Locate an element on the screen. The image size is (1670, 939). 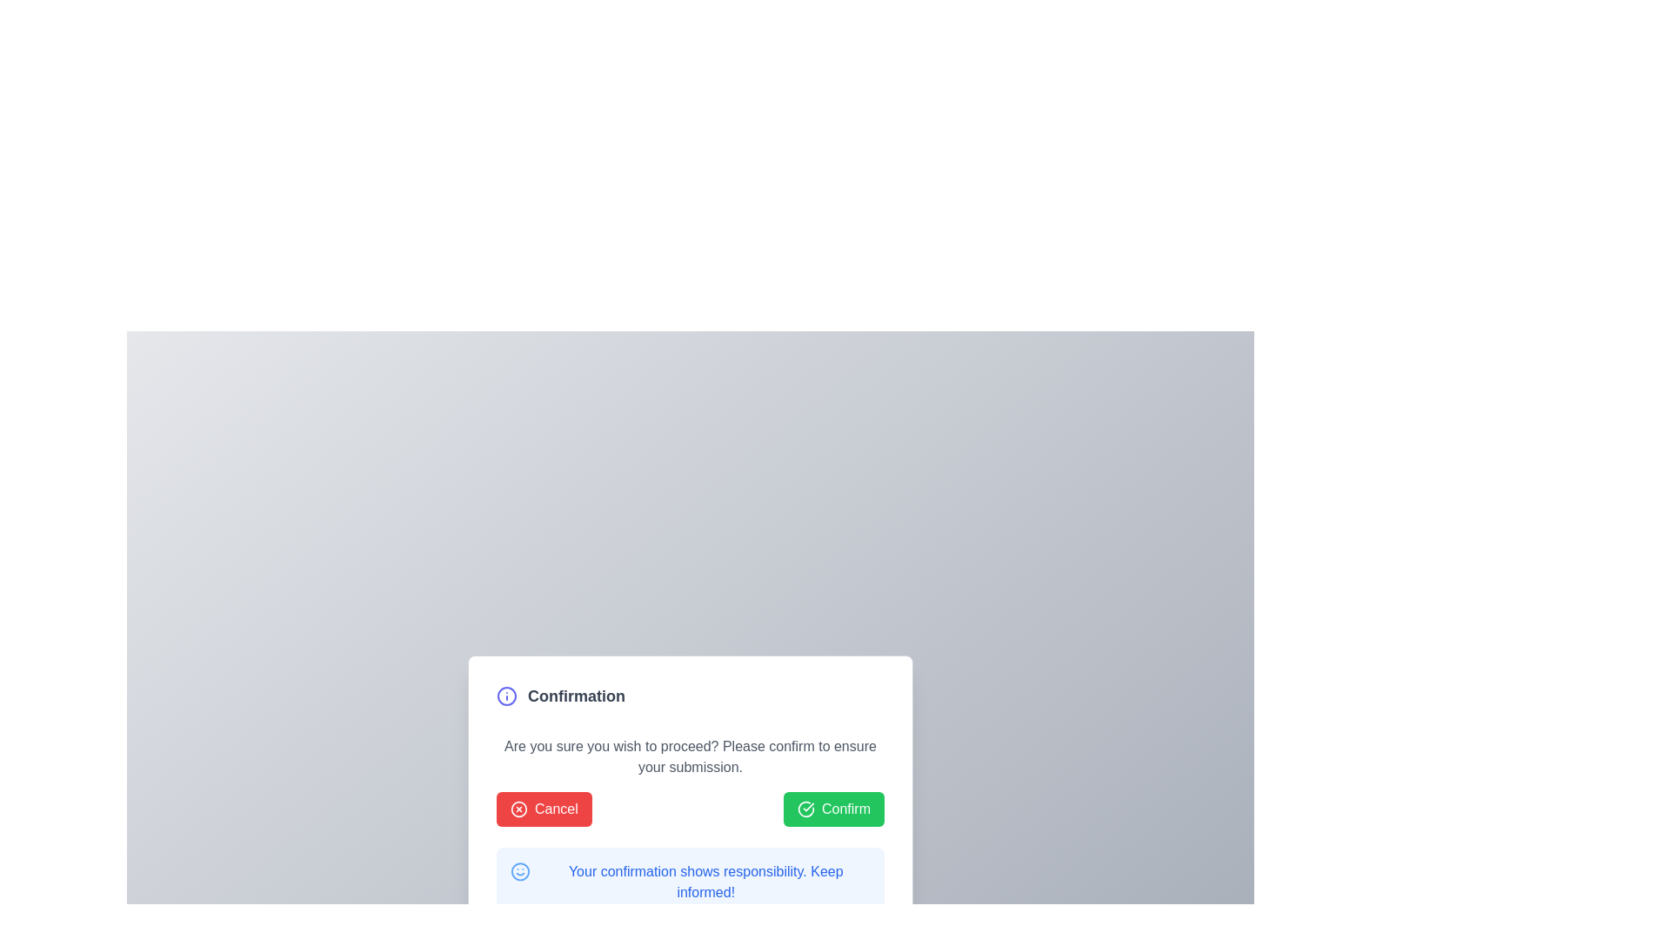
text label that serves as a header or title, positioned horizontally in a row as the second item from the left, after an informational icon is located at coordinates (576, 696).